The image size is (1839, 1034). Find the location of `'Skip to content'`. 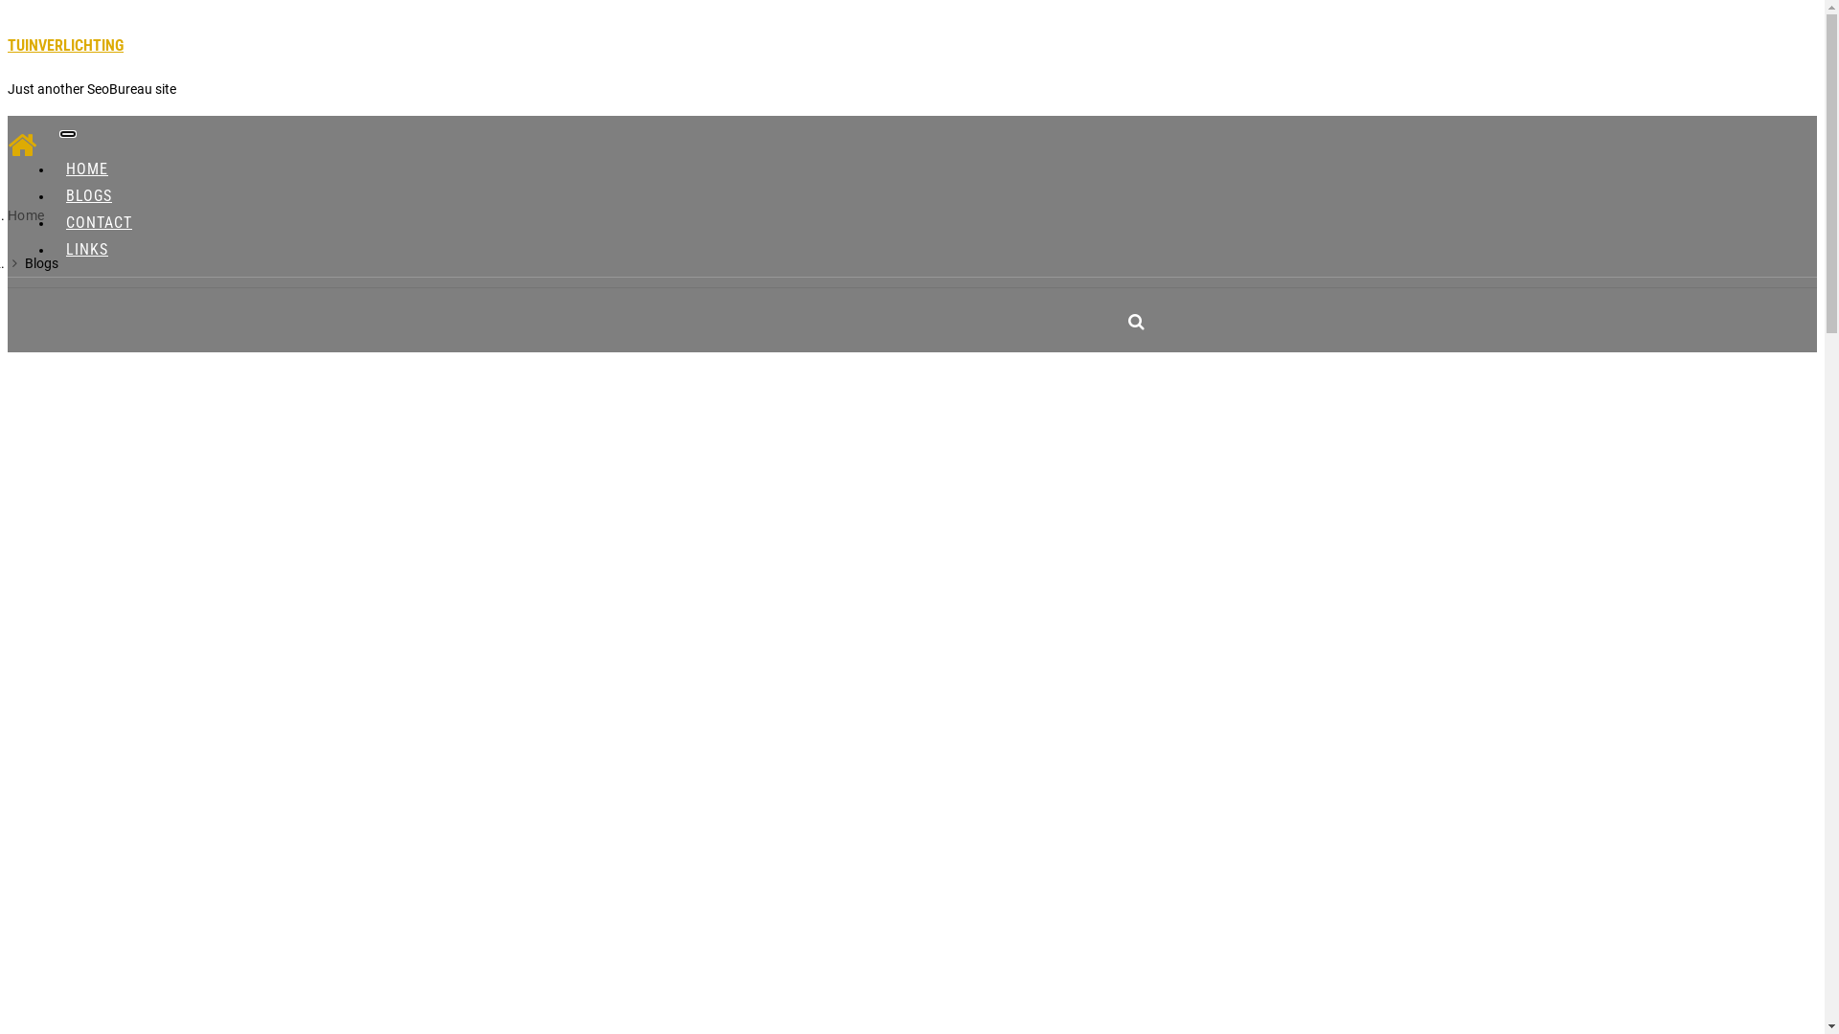

'Skip to content' is located at coordinates (7, 7).